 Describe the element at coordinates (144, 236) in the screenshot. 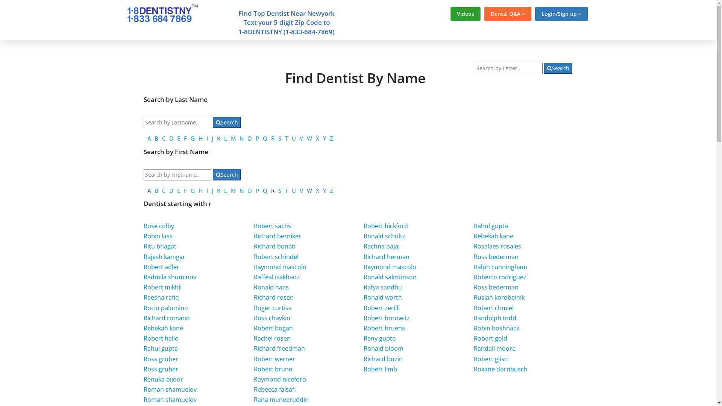

I see `'Robin lass'` at that location.